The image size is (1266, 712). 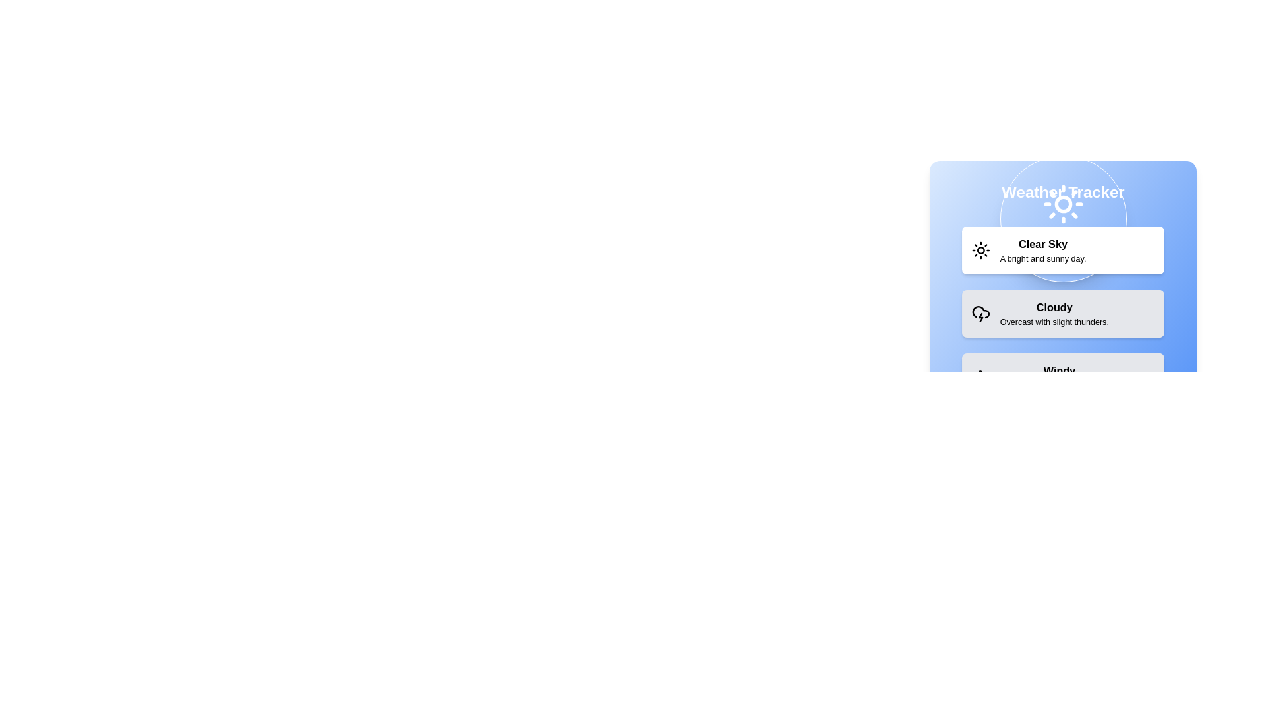 What do you see at coordinates (980, 376) in the screenshot?
I see `the graphical representation of the wind icon, which is a minimalistic SVG graphic with curved lines and a black stroke, located at the top-left corner of the card displaying 'Windy'` at bounding box center [980, 376].